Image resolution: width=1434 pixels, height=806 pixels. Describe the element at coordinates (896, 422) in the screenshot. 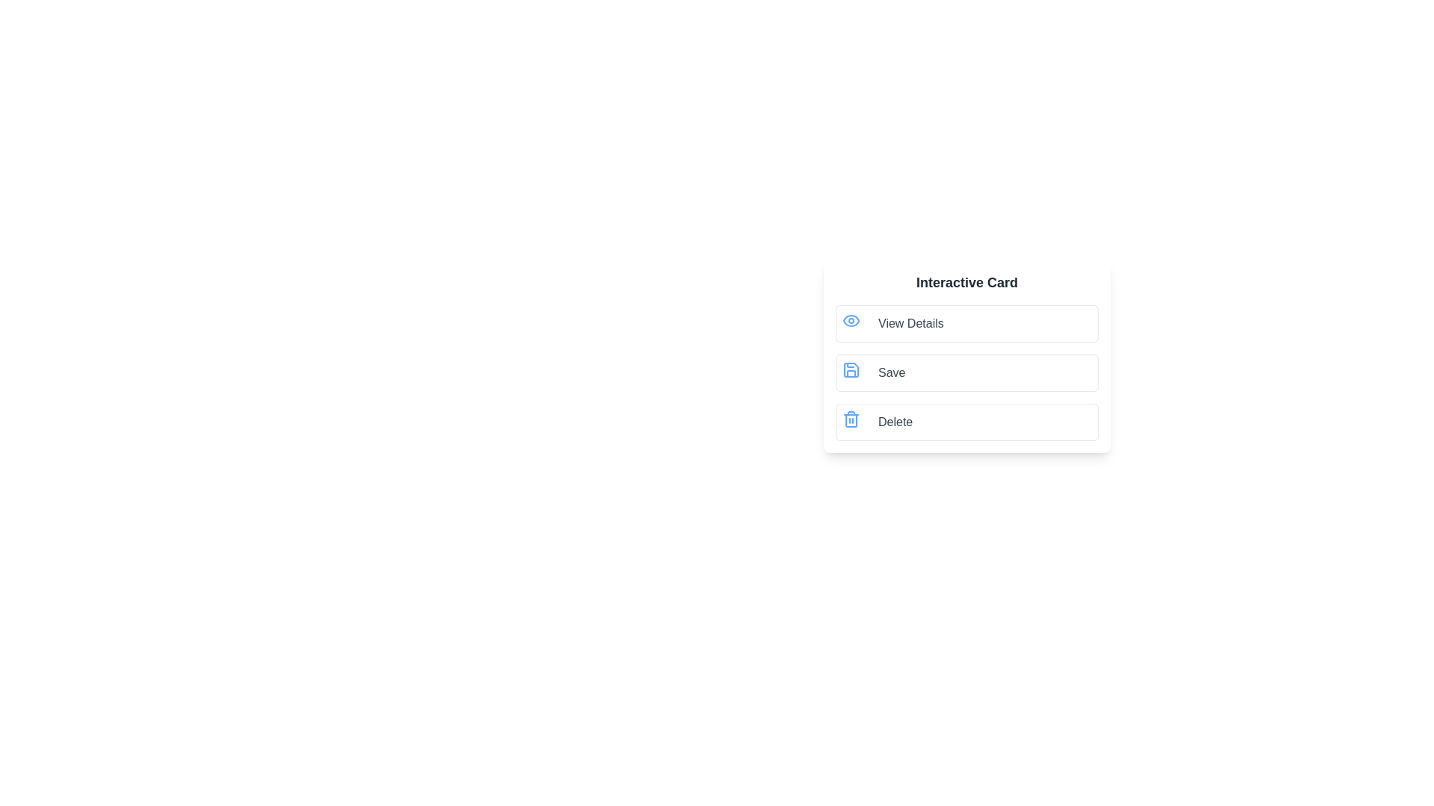

I see `the 'Delete' text label, which is part of a button group in a card-like interface, located to the right of a trash can icon and below the 'Save' button` at that location.